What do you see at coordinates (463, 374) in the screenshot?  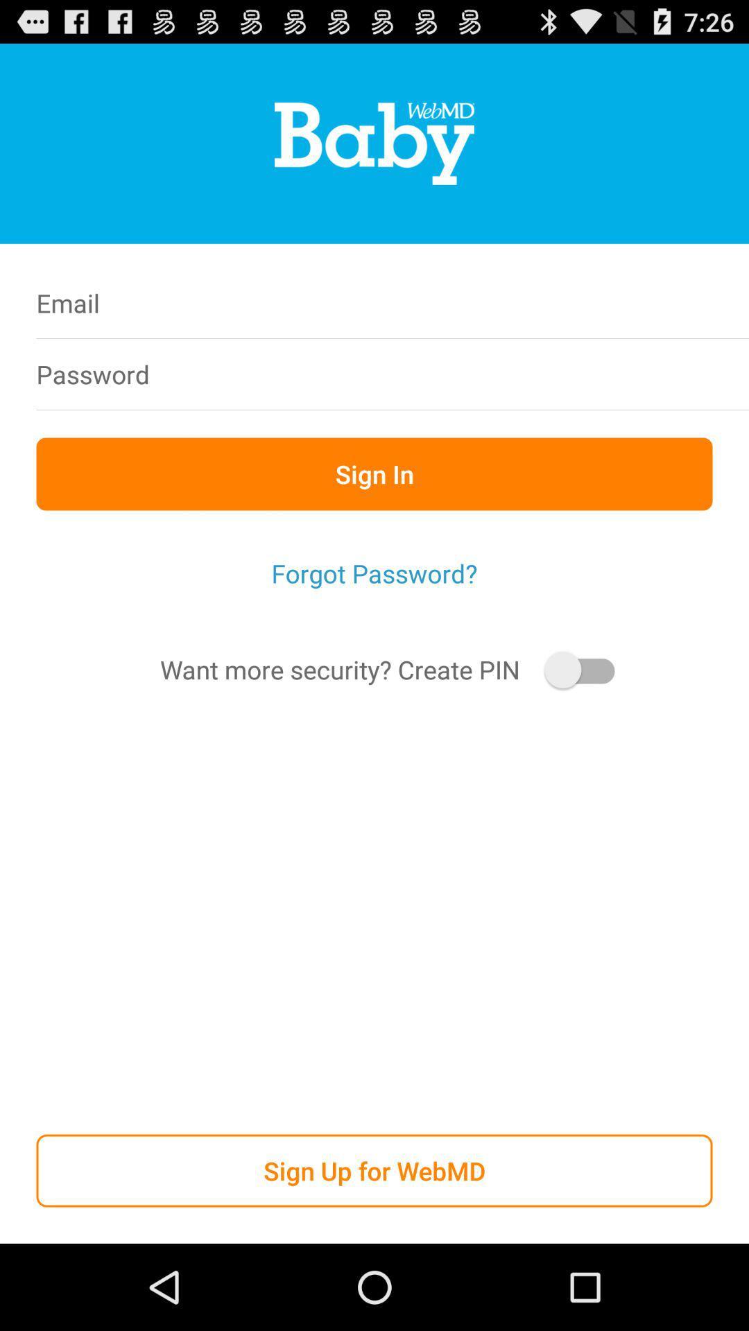 I see `password box` at bounding box center [463, 374].